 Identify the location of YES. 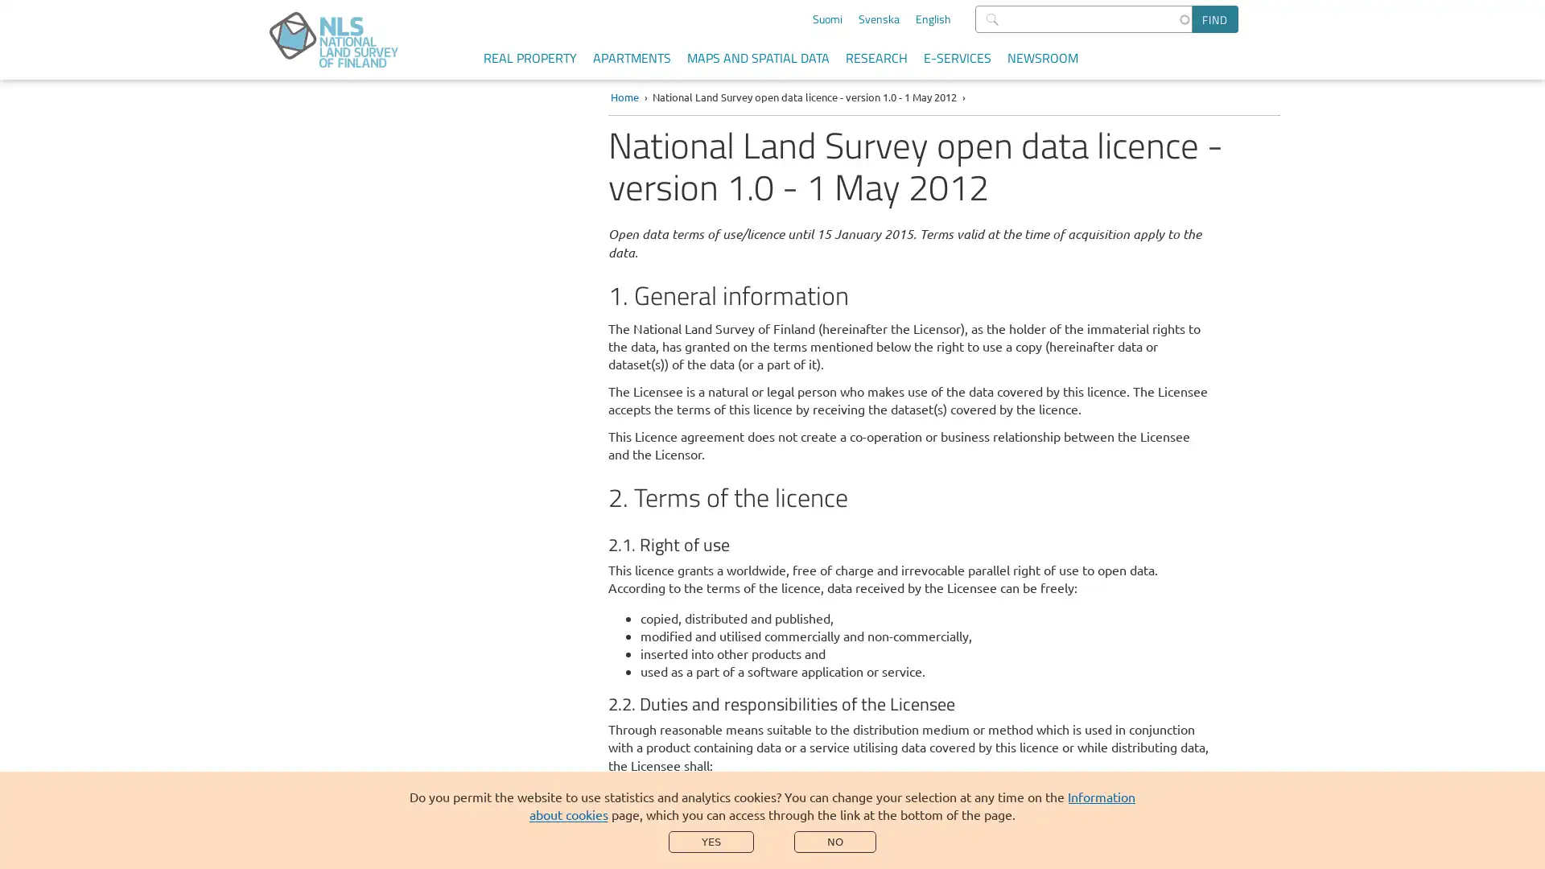
(710, 841).